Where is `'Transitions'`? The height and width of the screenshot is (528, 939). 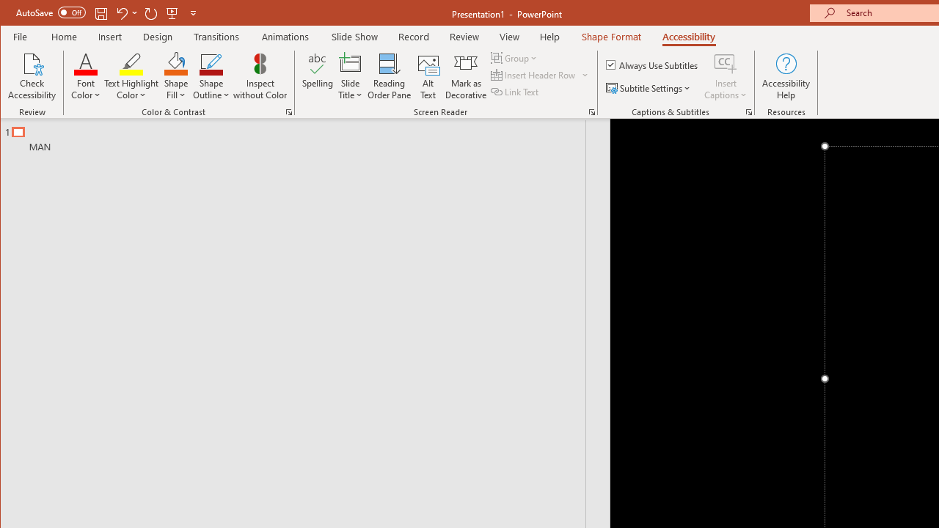
'Transitions' is located at coordinates (216, 36).